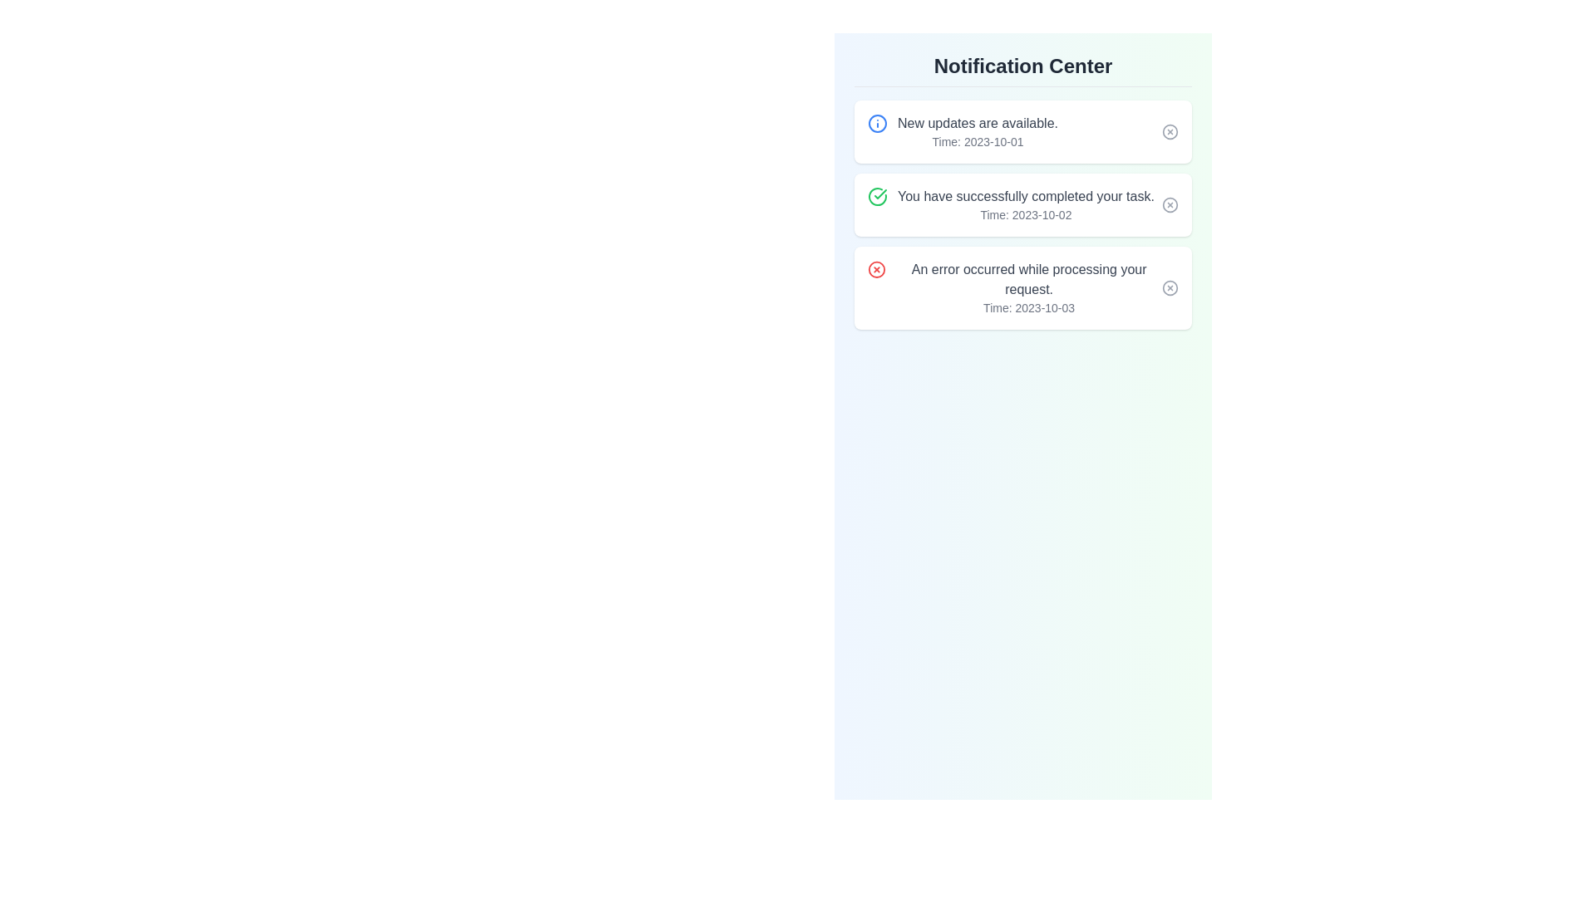  What do you see at coordinates (1022, 190) in the screenshot?
I see `the notification panel titled 'Notification Center' to interact with the notifications it contains` at bounding box center [1022, 190].